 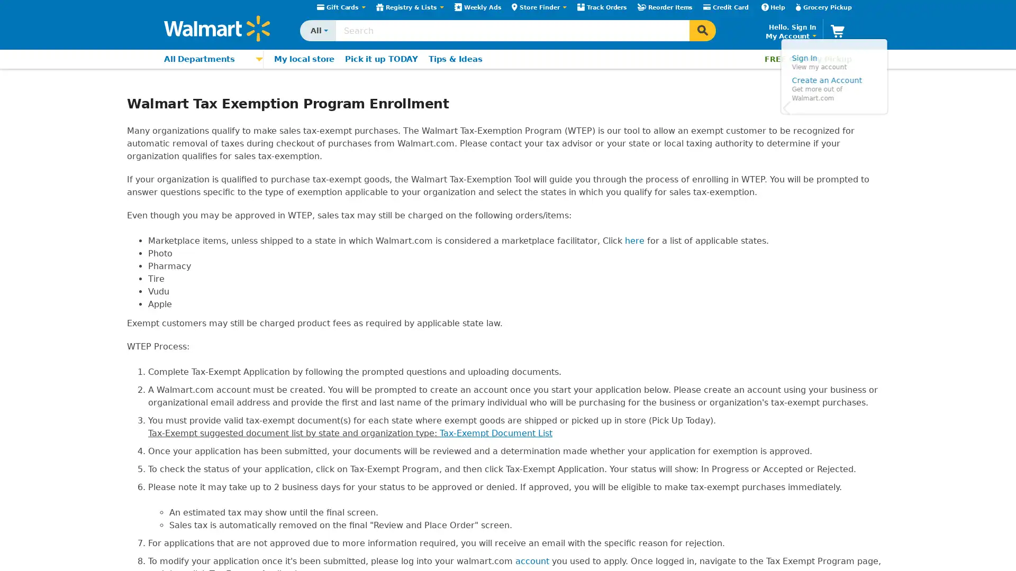 What do you see at coordinates (205, 114) in the screenshot?
I see `Movies, Music & Books` at bounding box center [205, 114].